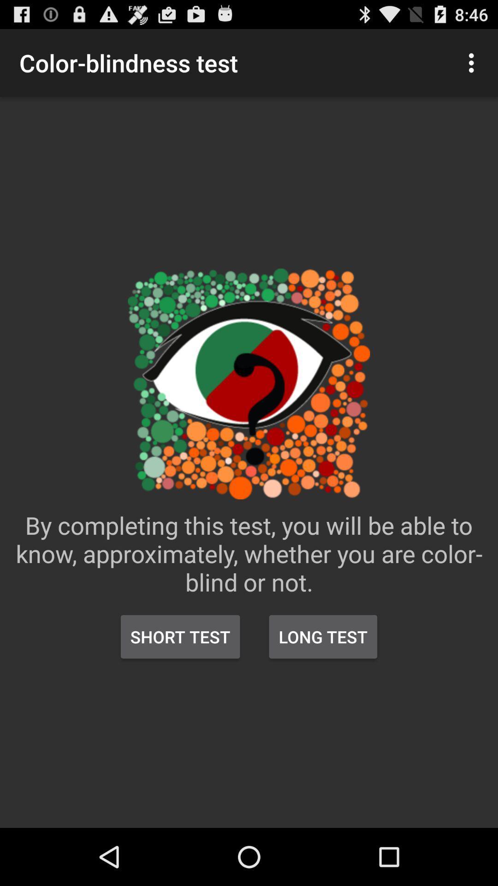  What do you see at coordinates (474, 62) in the screenshot?
I see `item above the by completing this item` at bounding box center [474, 62].